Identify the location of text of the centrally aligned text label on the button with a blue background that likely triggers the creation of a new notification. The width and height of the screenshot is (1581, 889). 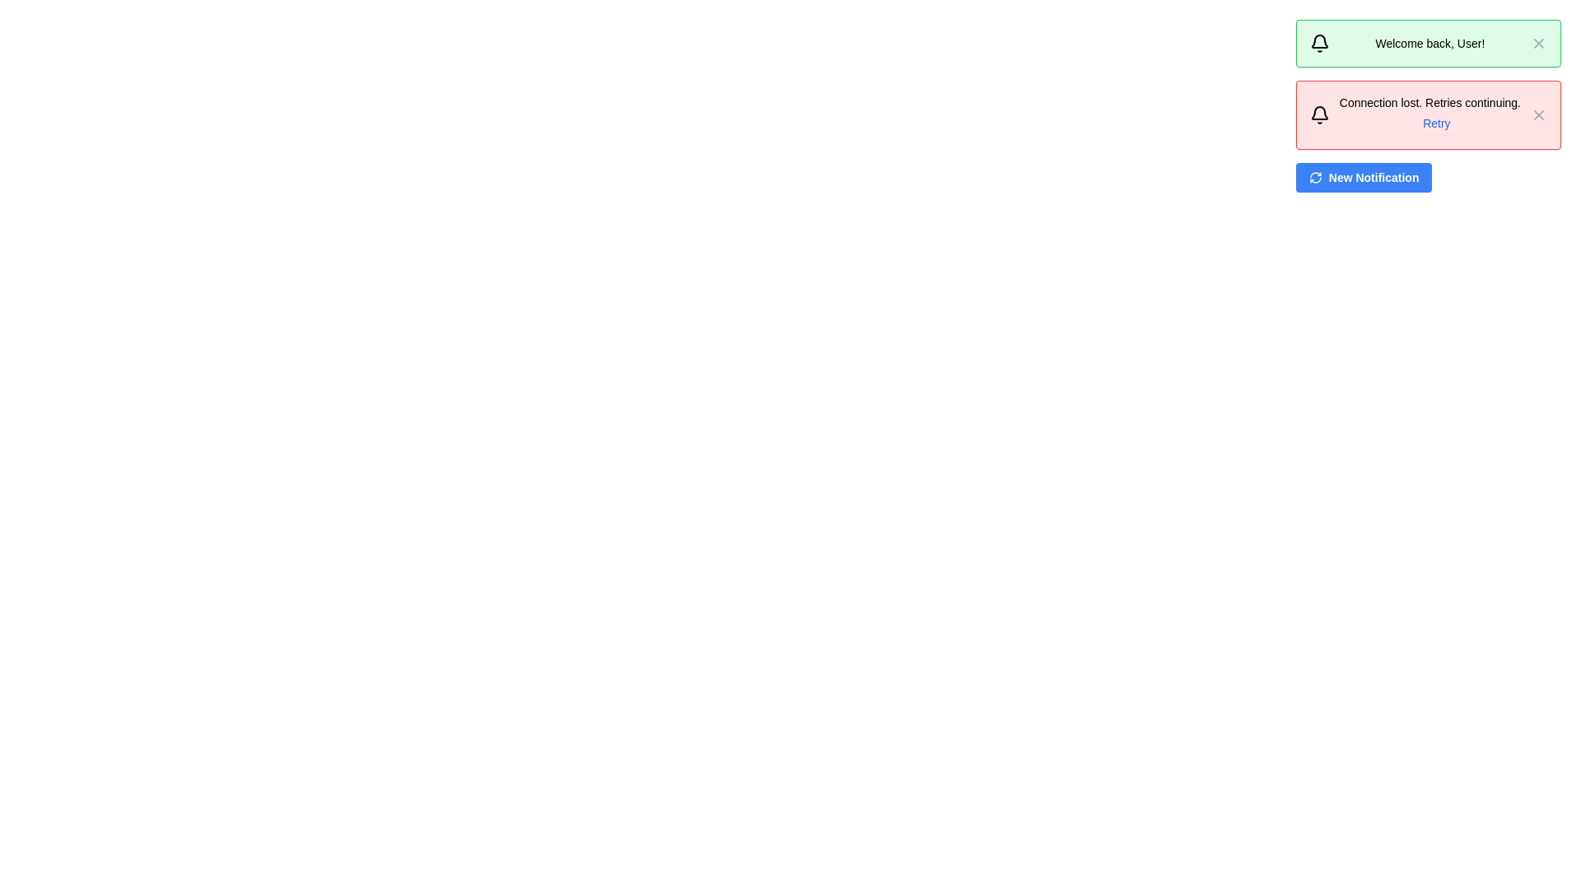
(1373, 178).